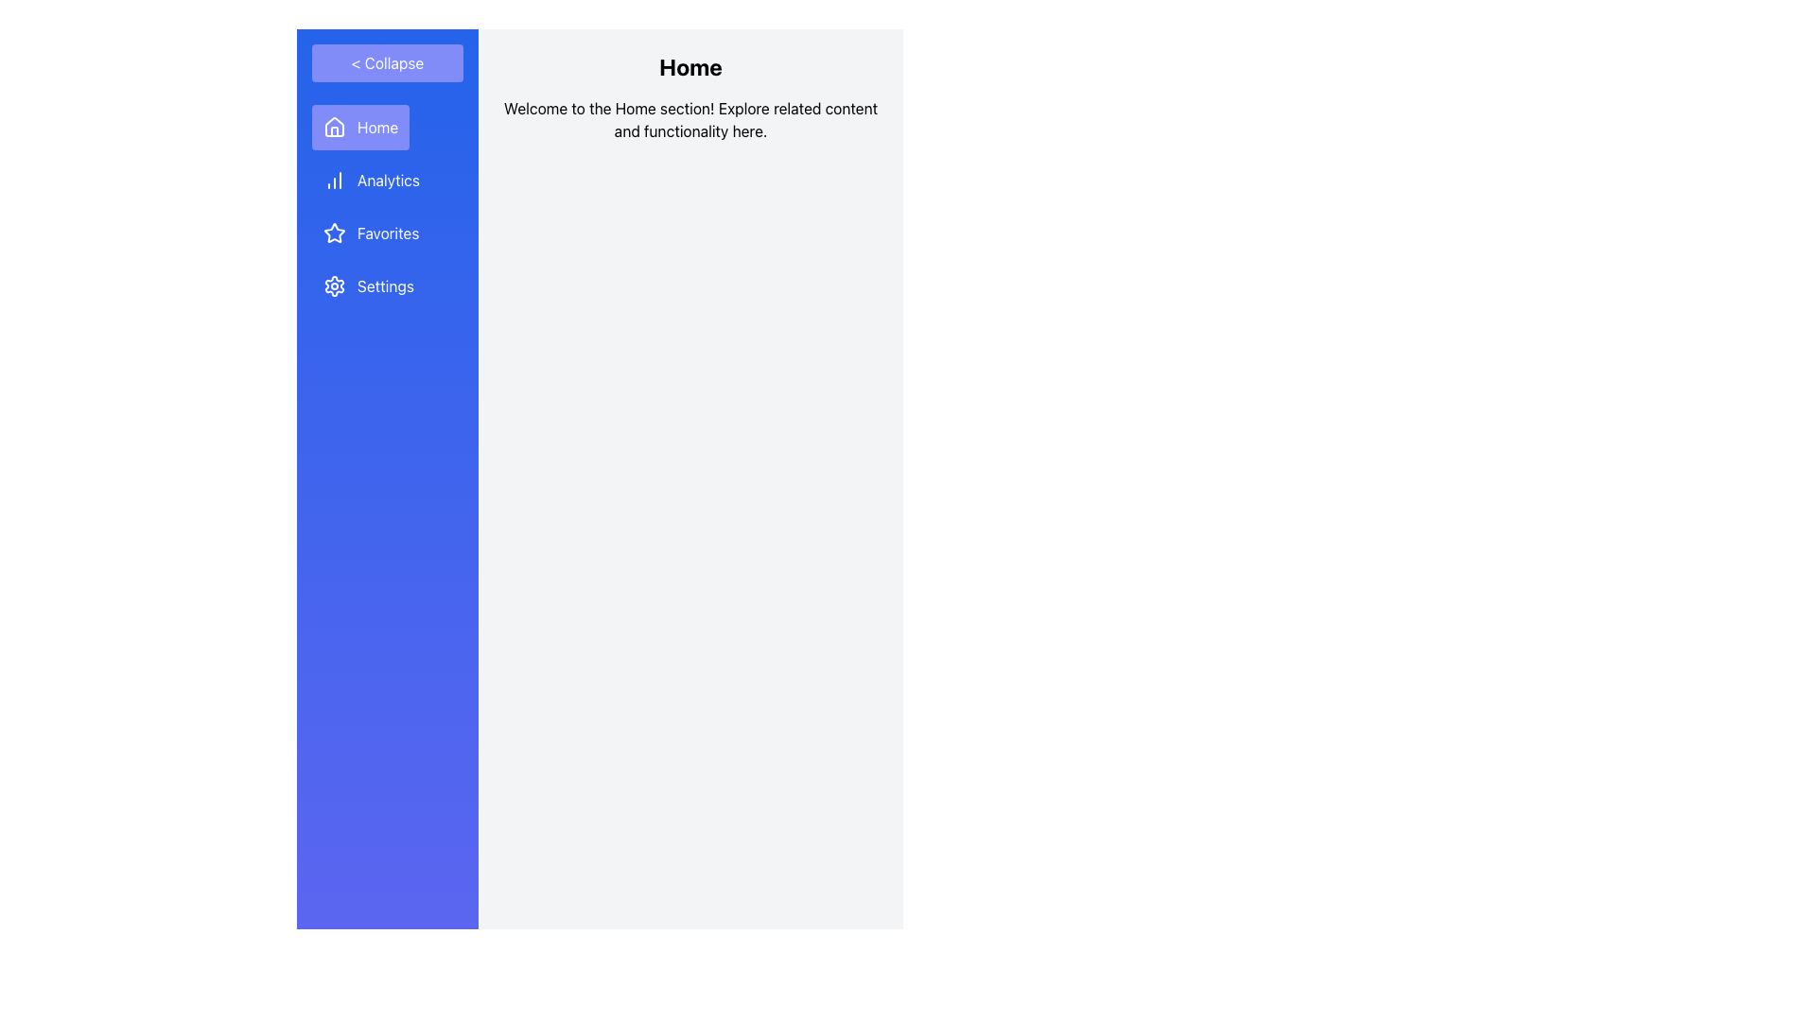 This screenshot has height=1021, width=1816. I want to click on the bar chart icon located in the 'Analytics' section of the vertical navigation bar, which is styled with a white vector appearance against a blue background, so click(335, 181).